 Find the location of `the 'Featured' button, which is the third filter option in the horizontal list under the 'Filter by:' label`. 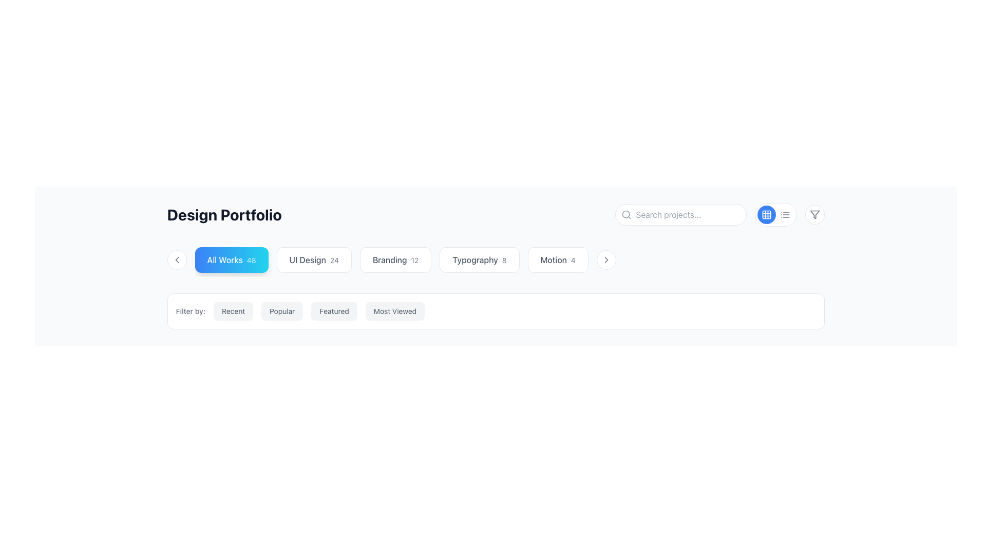

the 'Featured' button, which is the third filter option in the horizontal list under the 'Filter by:' label is located at coordinates (334, 310).